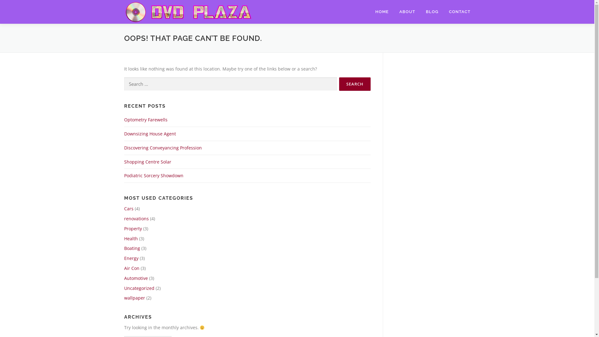 This screenshot has height=337, width=599. What do you see at coordinates (136, 278) in the screenshot?
I see `'Automotive'` at bounding box center [136, 278].